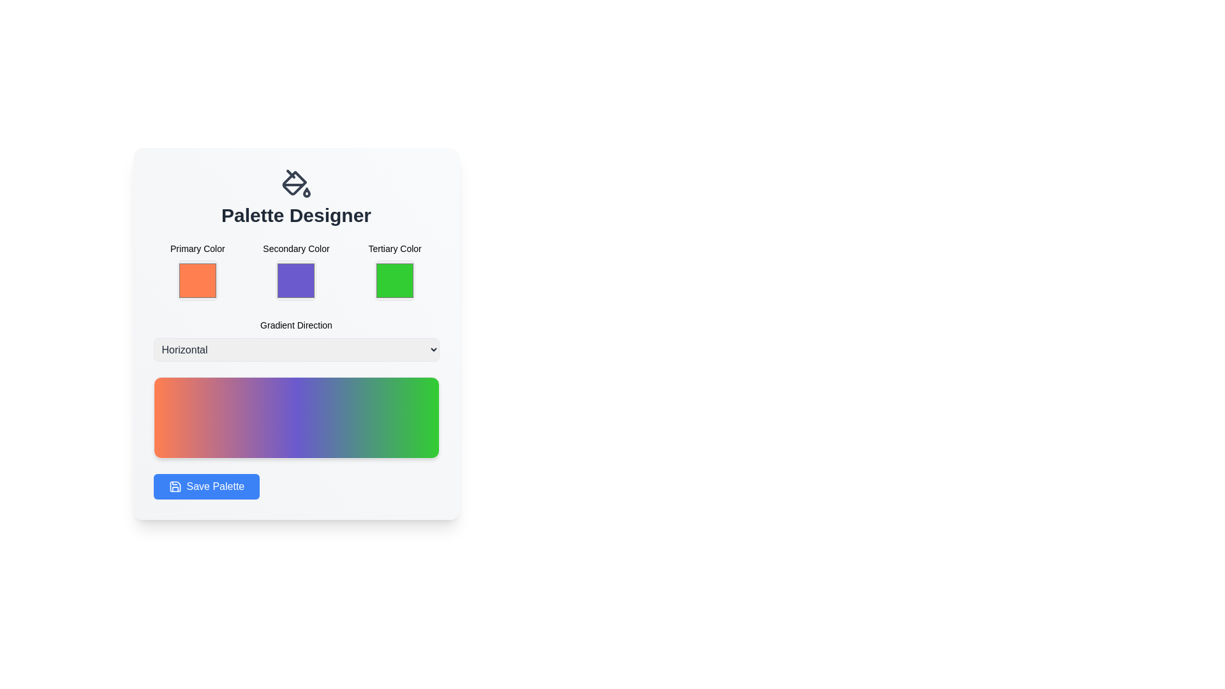  I want to click on the Header text for the Palette Designer, which is located at the top-center of the interface, beneath a paint bucket icon and above the color selection sections, so click(295, 197).